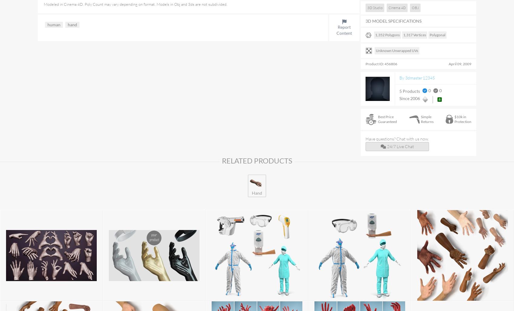 This screenshot has width=514, height=311. I want to click on 'Polygonal', so click(437, 34).